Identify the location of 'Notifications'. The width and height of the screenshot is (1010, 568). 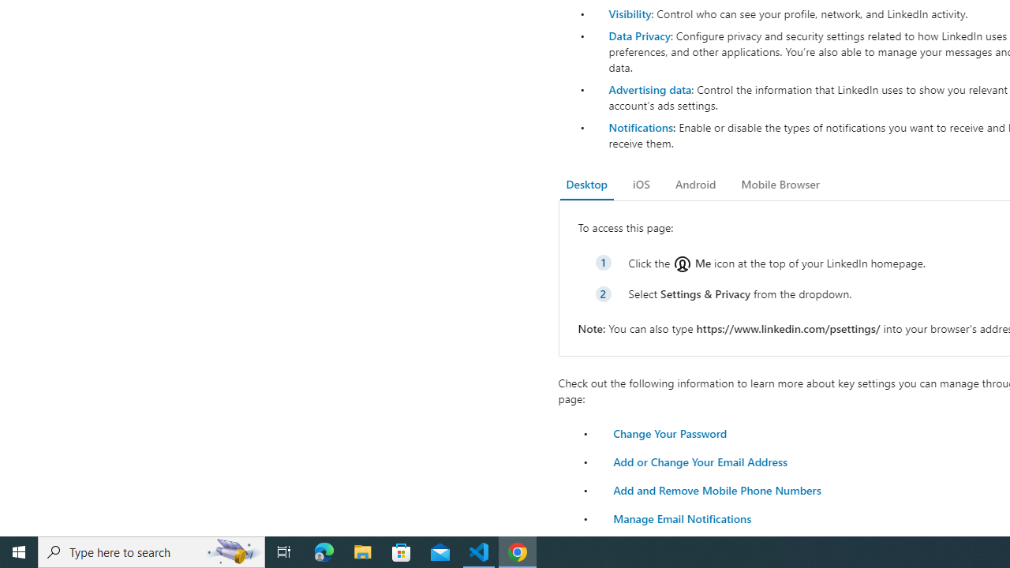
(640, 126).